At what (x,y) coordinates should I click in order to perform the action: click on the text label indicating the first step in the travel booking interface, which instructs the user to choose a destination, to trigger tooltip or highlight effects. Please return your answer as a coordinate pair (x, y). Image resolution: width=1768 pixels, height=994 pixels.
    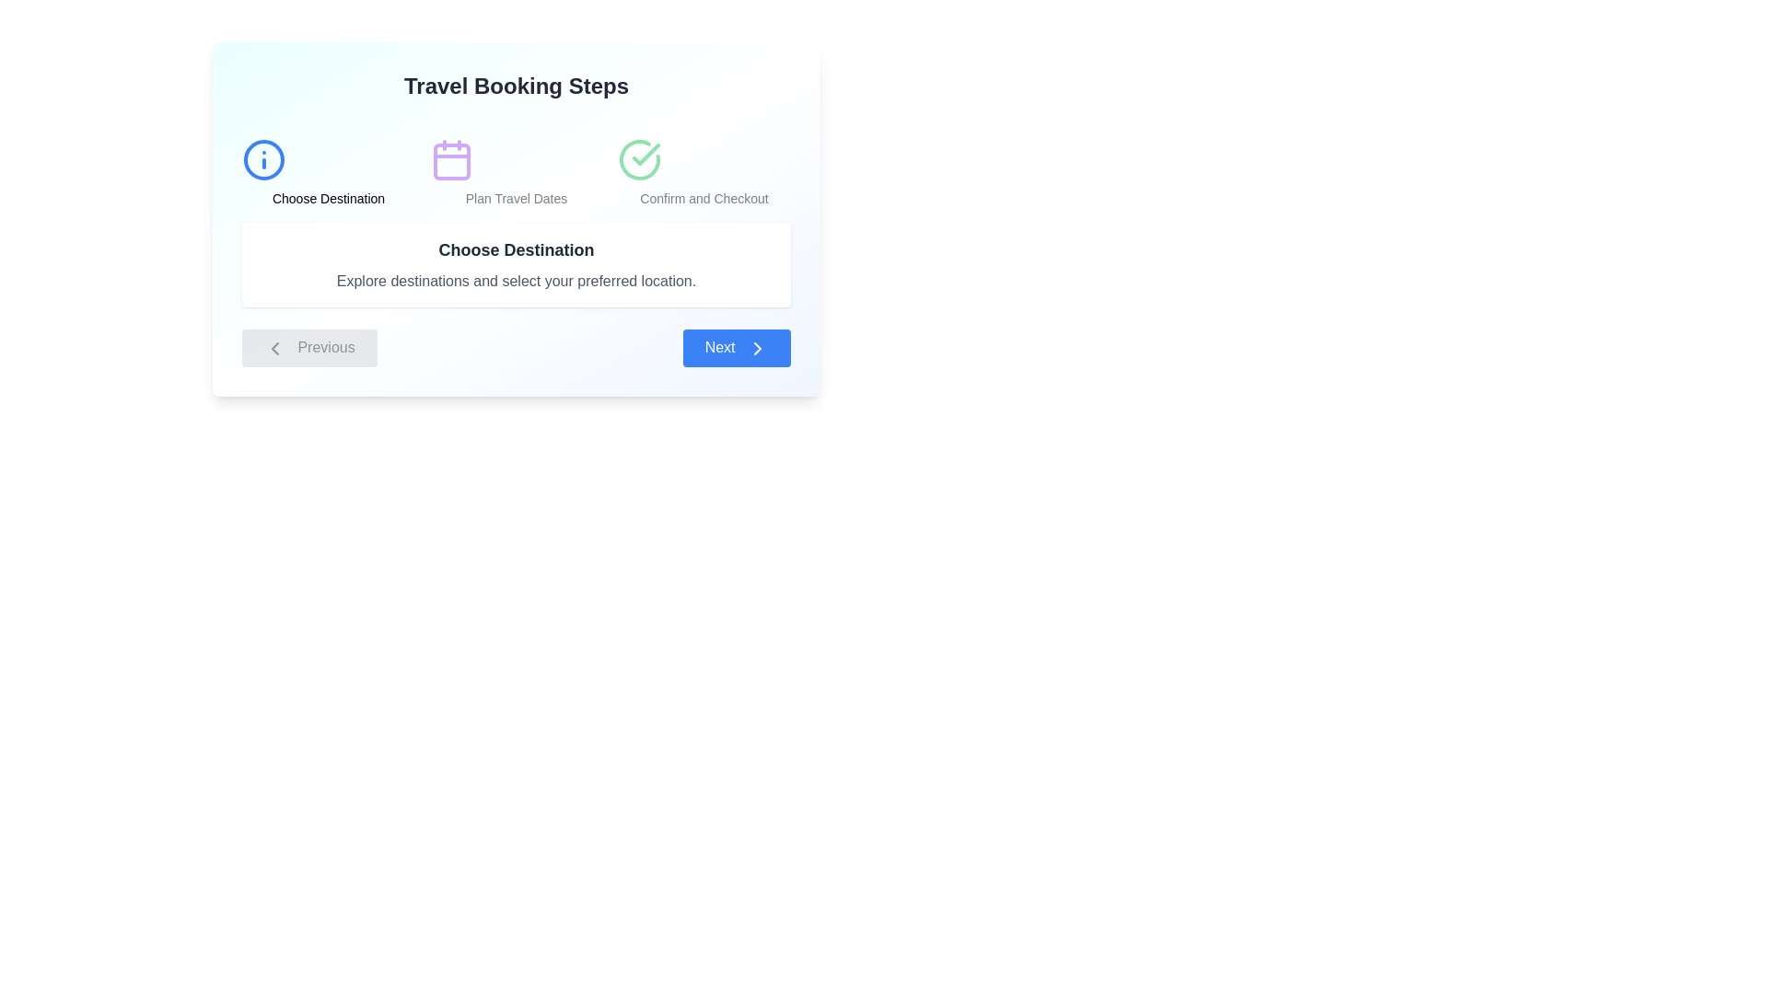
    Looking at the image, I should click on (328, 199).